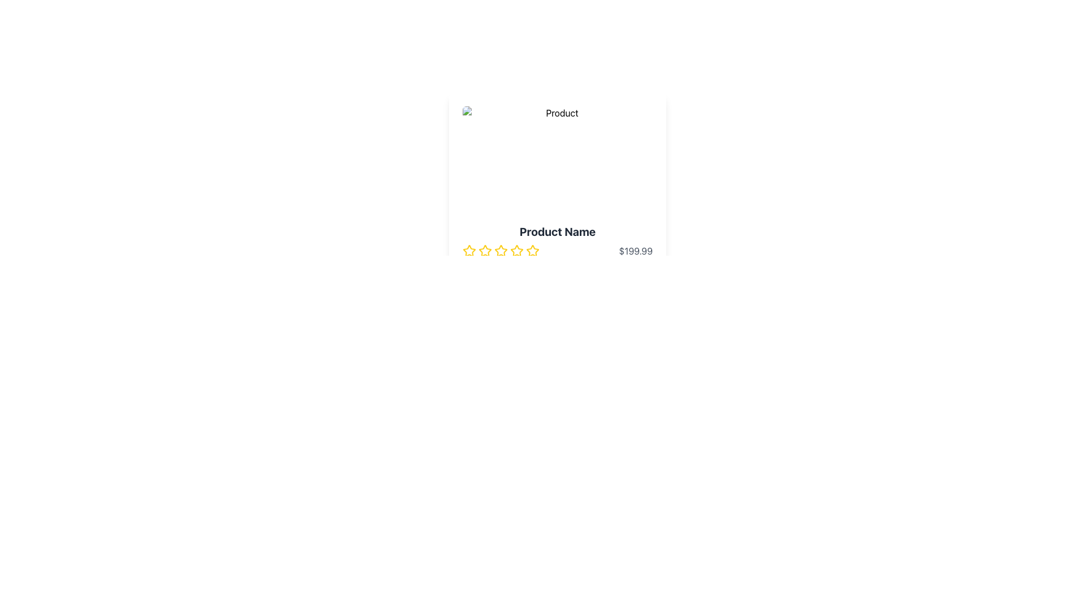  I want to click on the fourth yellow star icon in the horizontal row of rating stars to rate the product, so click(532, 250).